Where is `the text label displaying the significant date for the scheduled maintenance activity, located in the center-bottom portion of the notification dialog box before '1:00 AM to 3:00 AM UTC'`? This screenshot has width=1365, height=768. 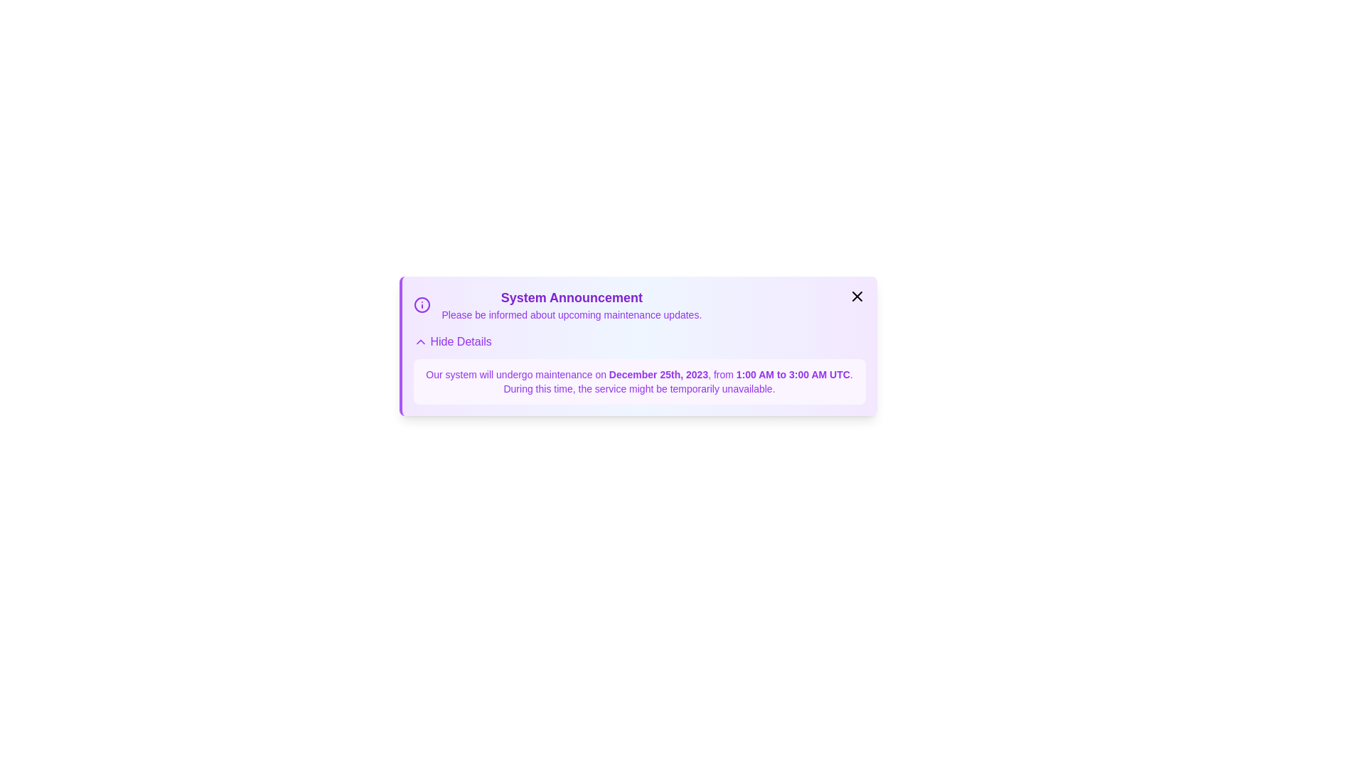 the text label displaying the significant date for the scheduled maintenance activity, located in the center-bottom portion of the notification dialog box before '1:00 AM to 3:00 AM UTC' is located at coordinates (658, 374).